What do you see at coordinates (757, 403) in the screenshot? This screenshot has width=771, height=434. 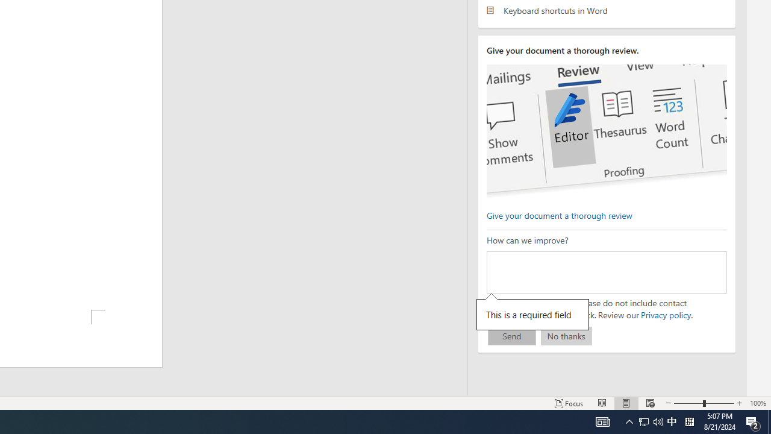 I see `'Zoom 100%'` at bounding box center [757, 403].